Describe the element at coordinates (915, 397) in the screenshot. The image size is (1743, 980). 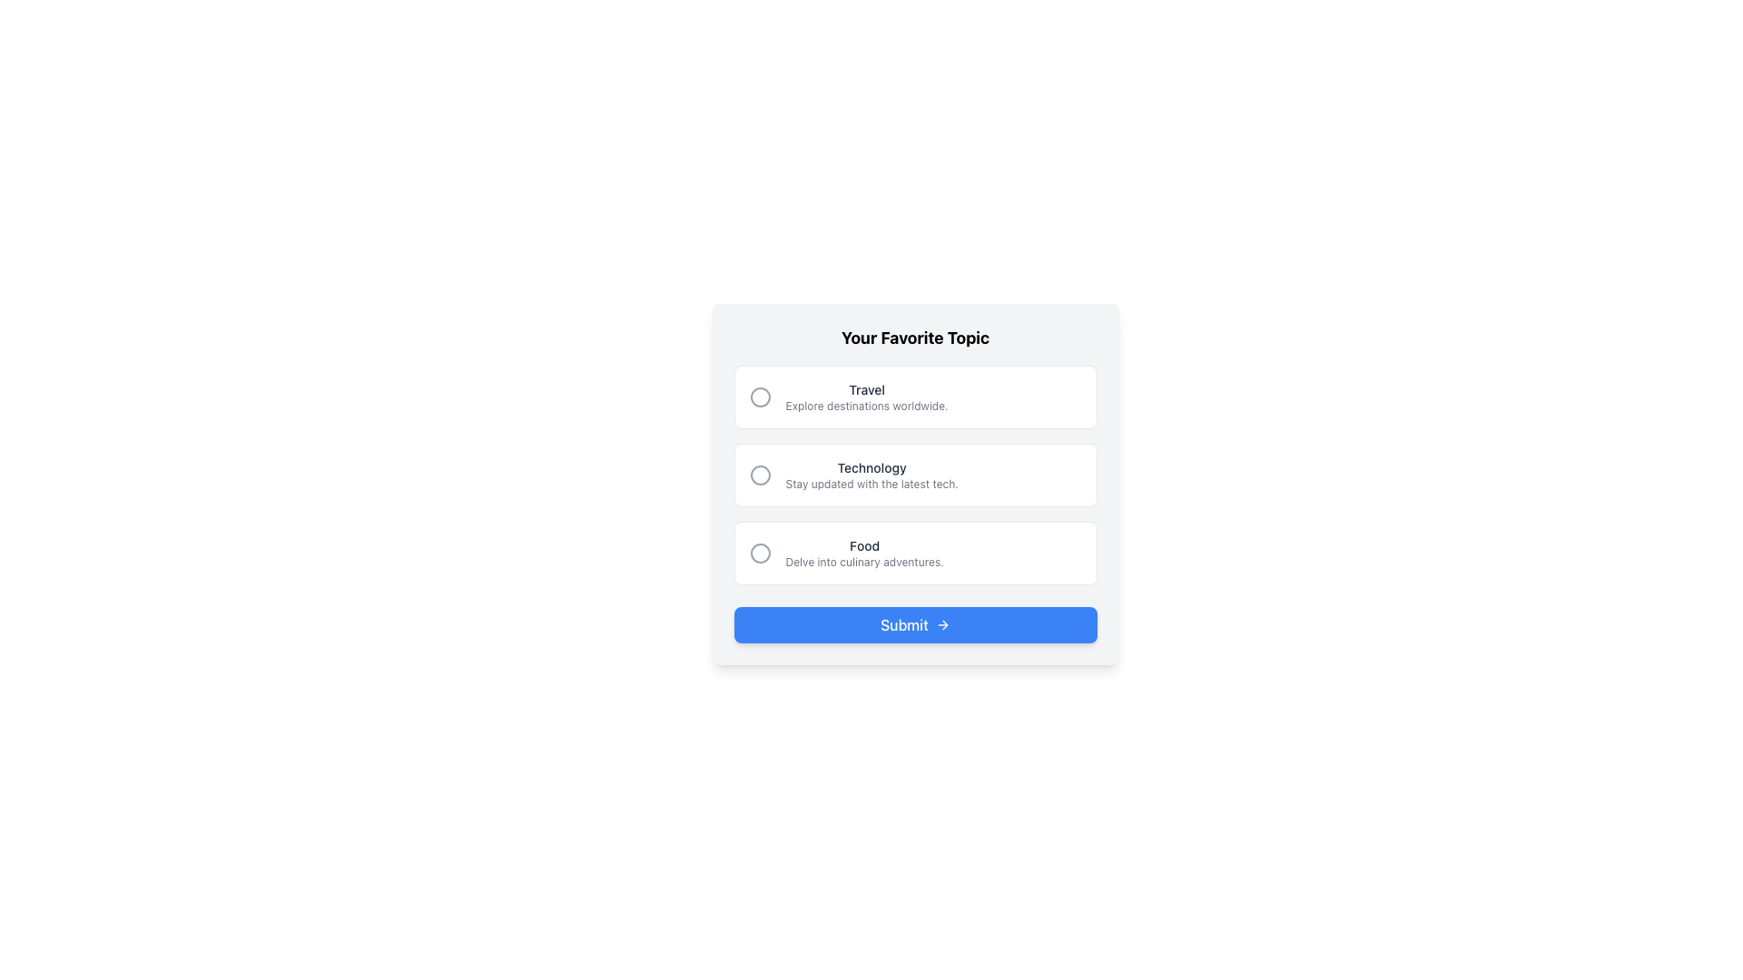
I see `the first selectable list item` at that location.